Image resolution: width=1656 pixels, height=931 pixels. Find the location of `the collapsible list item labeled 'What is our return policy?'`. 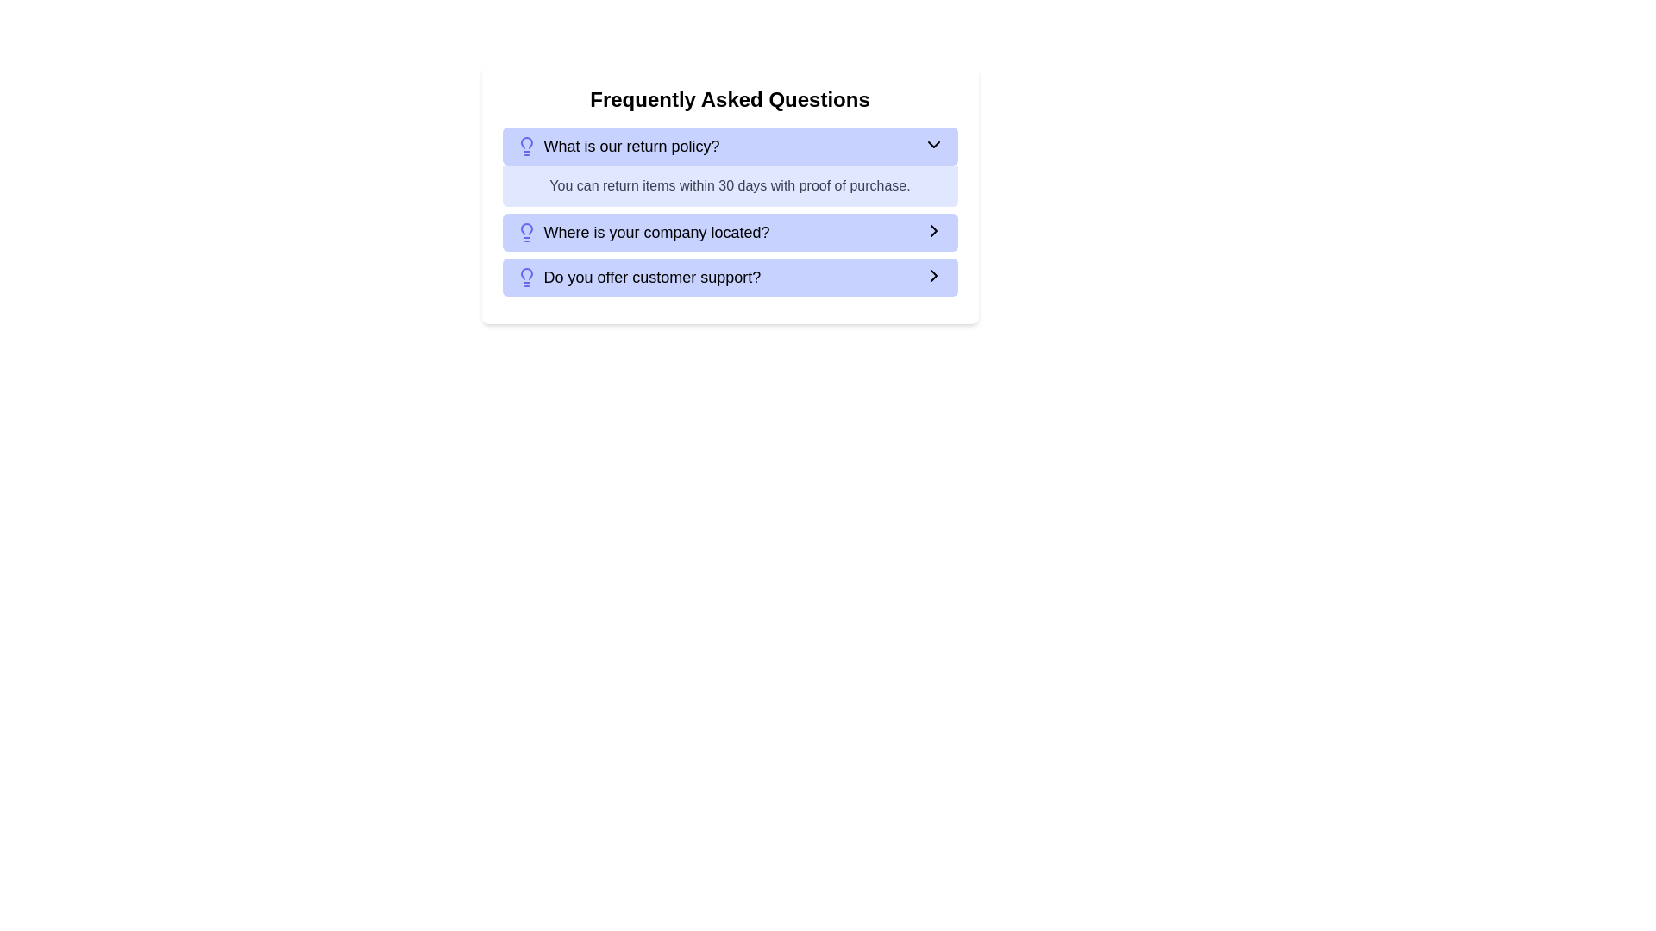

the collapsible list item labeled 'What is our return policy?' is located at coordinates (730, 145).